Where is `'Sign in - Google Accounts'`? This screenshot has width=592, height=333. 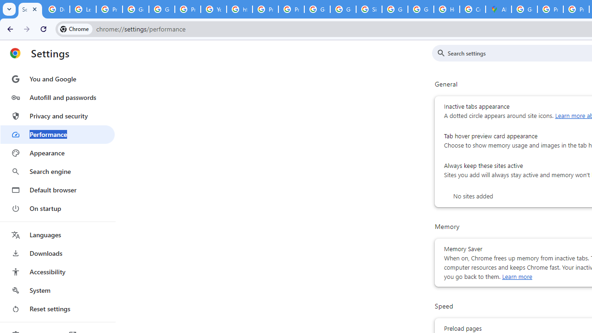 'Sign in - Google Accounts' is located at coordinates (369, 9).